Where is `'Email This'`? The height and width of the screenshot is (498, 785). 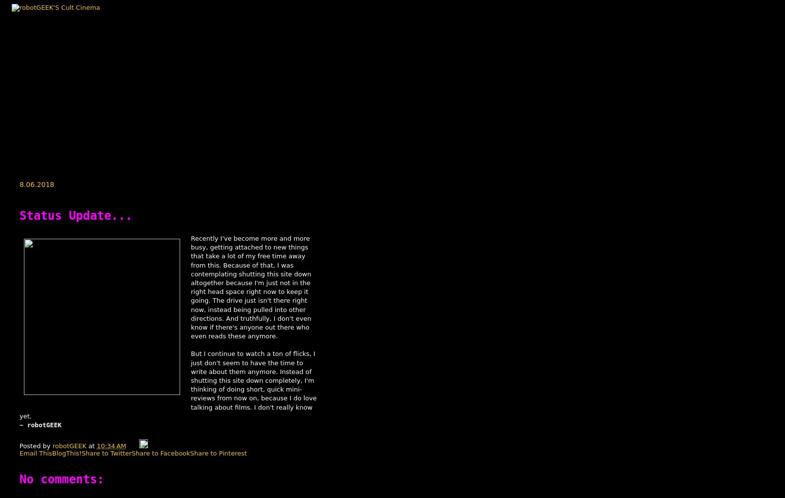
'Email This' is located at coordinates (36, 453).